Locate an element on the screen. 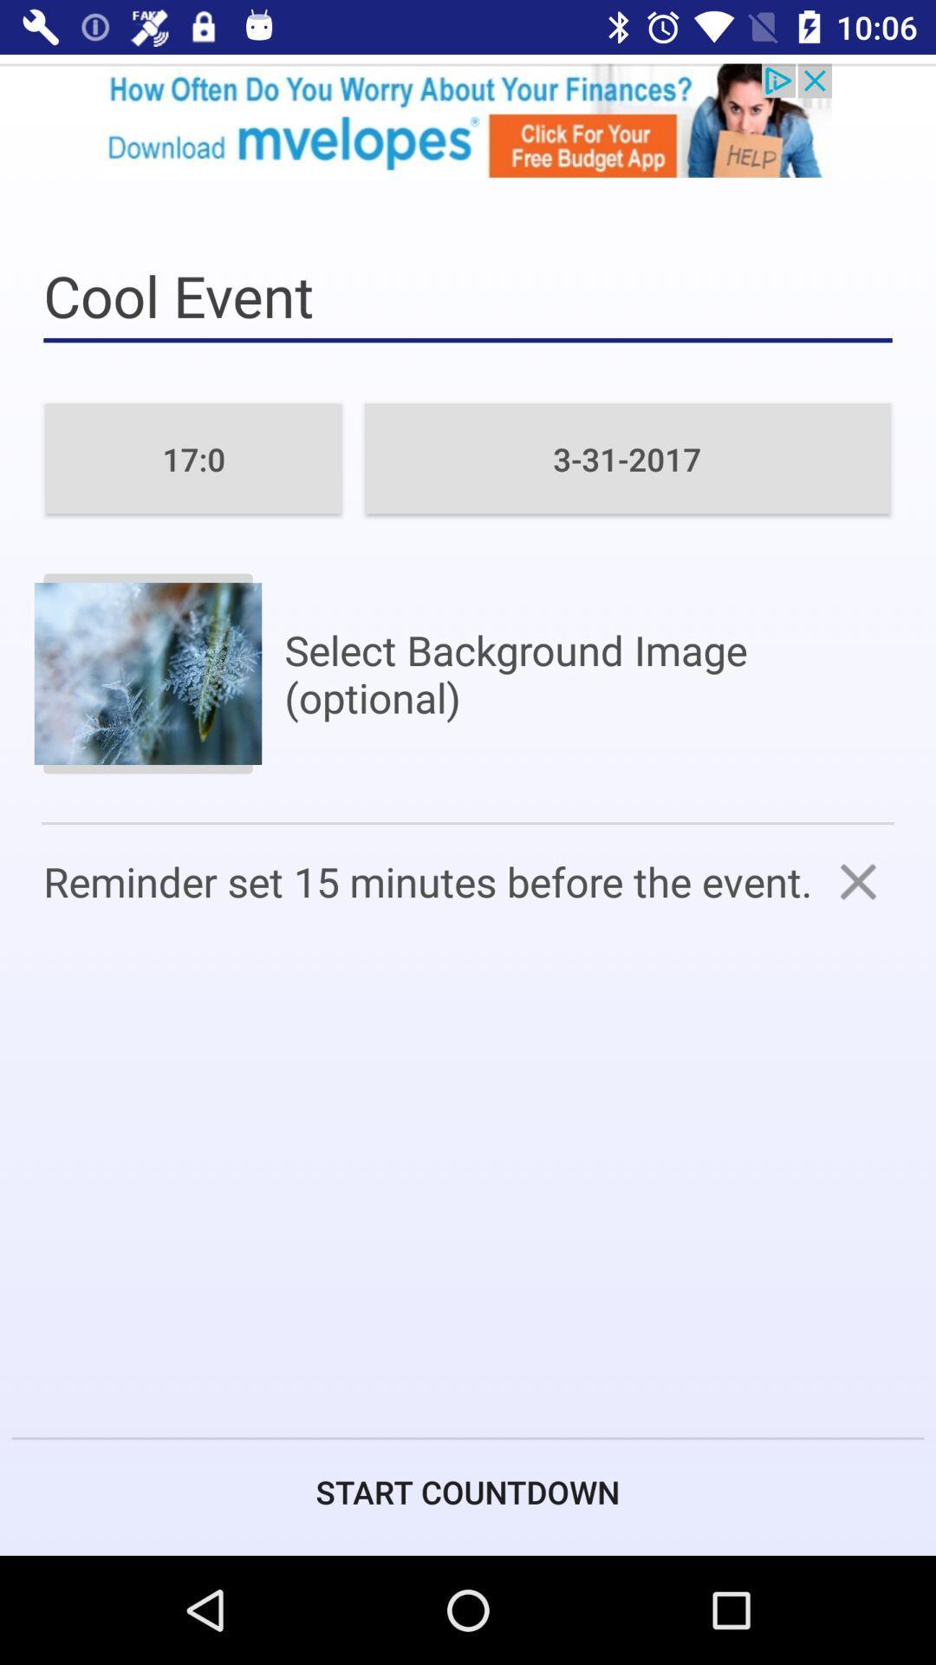 This screenshot has height=1665, width=936. cancel the reminder is located at coordinates (858, 881).